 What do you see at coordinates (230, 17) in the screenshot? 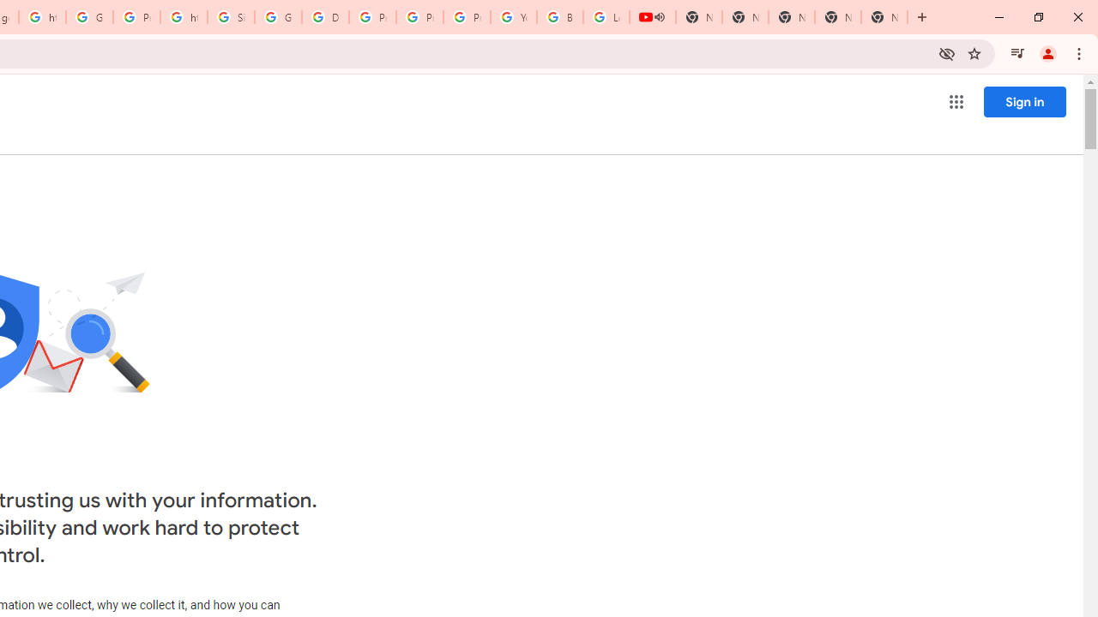
I see `'Sign in - Google Accounts'` at bounding box center [230, 17].